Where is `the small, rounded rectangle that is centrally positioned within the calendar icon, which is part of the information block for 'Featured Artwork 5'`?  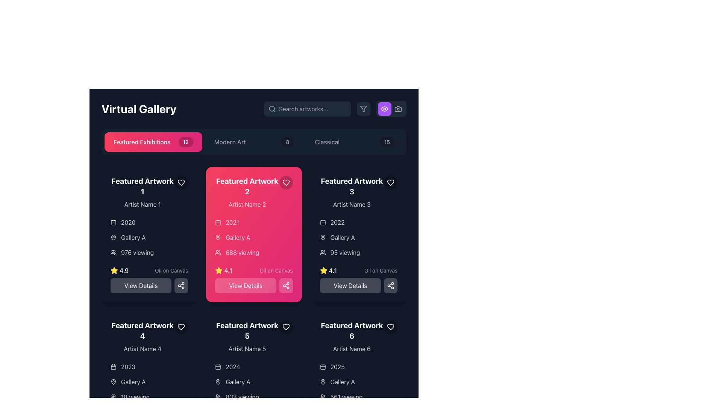 the small, rounded rectangle that is centrally positioned within the calendar icon, which is part of the information block for 'Featured Artwork 5' is located at coordinates (218, 367).